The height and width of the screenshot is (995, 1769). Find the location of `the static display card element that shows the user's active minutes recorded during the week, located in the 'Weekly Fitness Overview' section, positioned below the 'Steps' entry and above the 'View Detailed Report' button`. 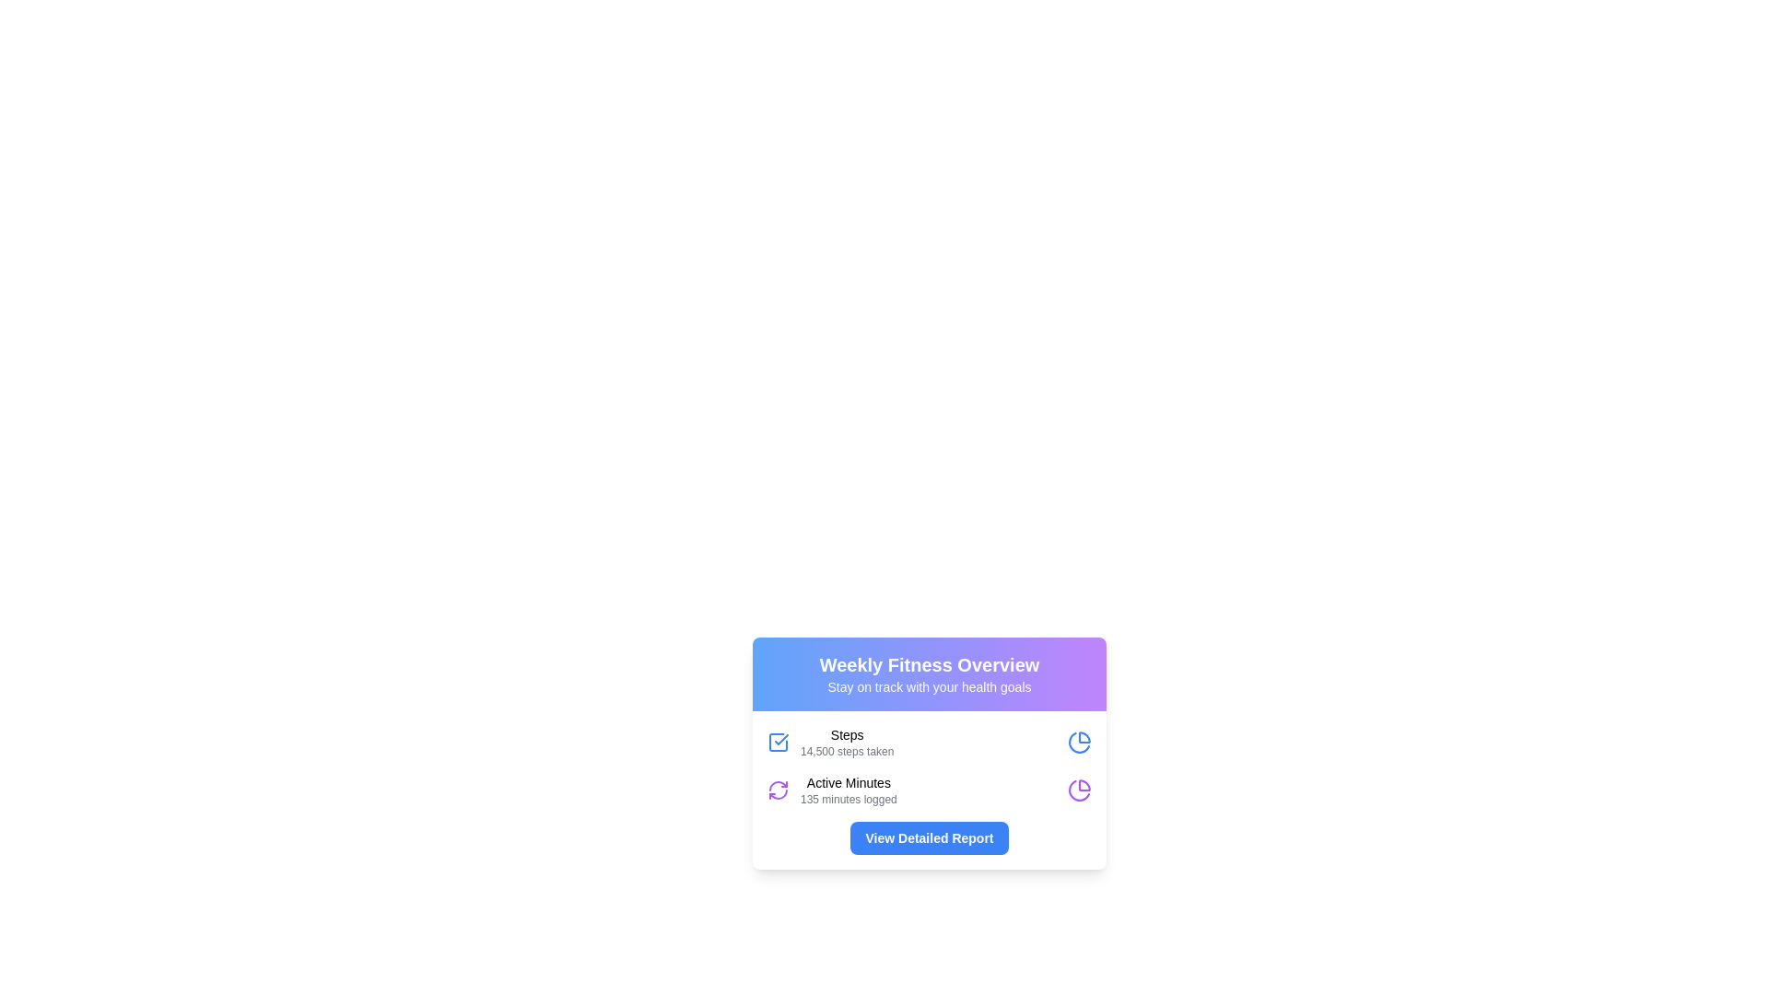

the static display card element that shows the user's active minutes recorded during the week, located in the 'Weekly Fitness Overview' section, positioned below the 'Steps' entry and above the 'View Detailed Report' button is located at coordinates (831, 789).